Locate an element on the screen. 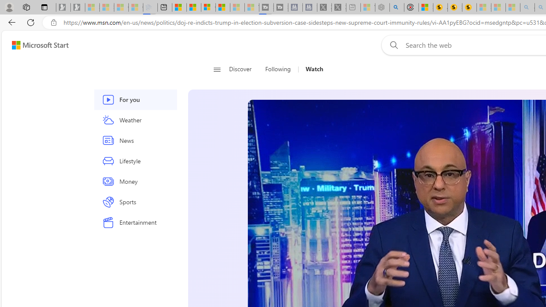 This screenshot has width=546, height=307. 'poe - Search' is located at coordinates (396, 7).